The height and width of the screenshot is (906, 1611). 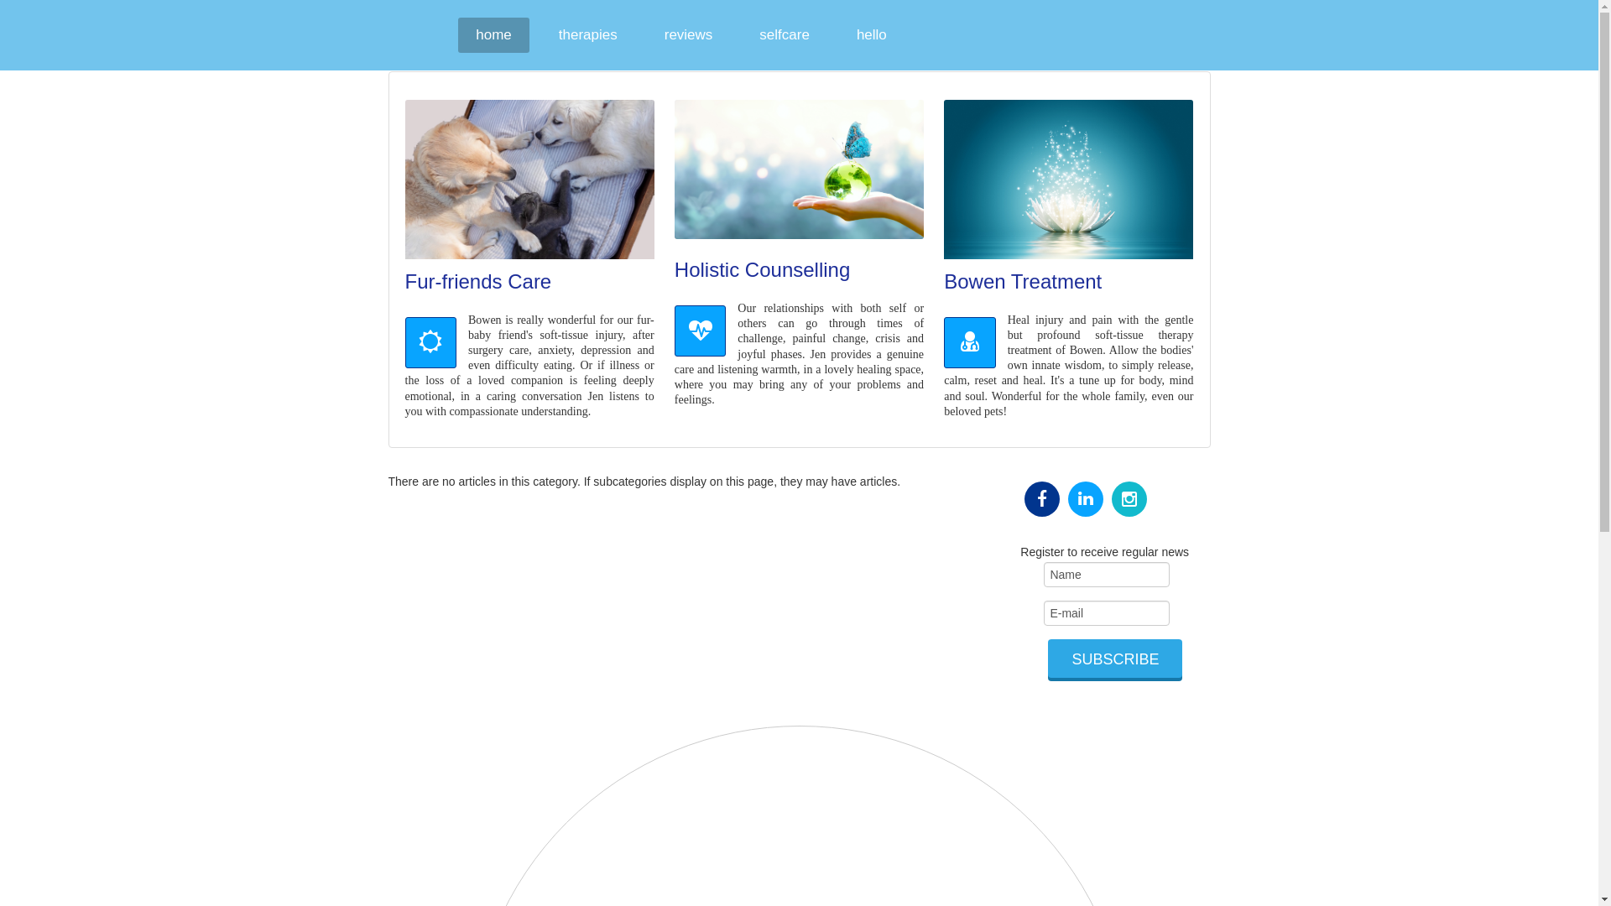 What do you see at coordinates (871, 35) in the screenshot?
I see `'hello'` at bounding box center [871, 35].